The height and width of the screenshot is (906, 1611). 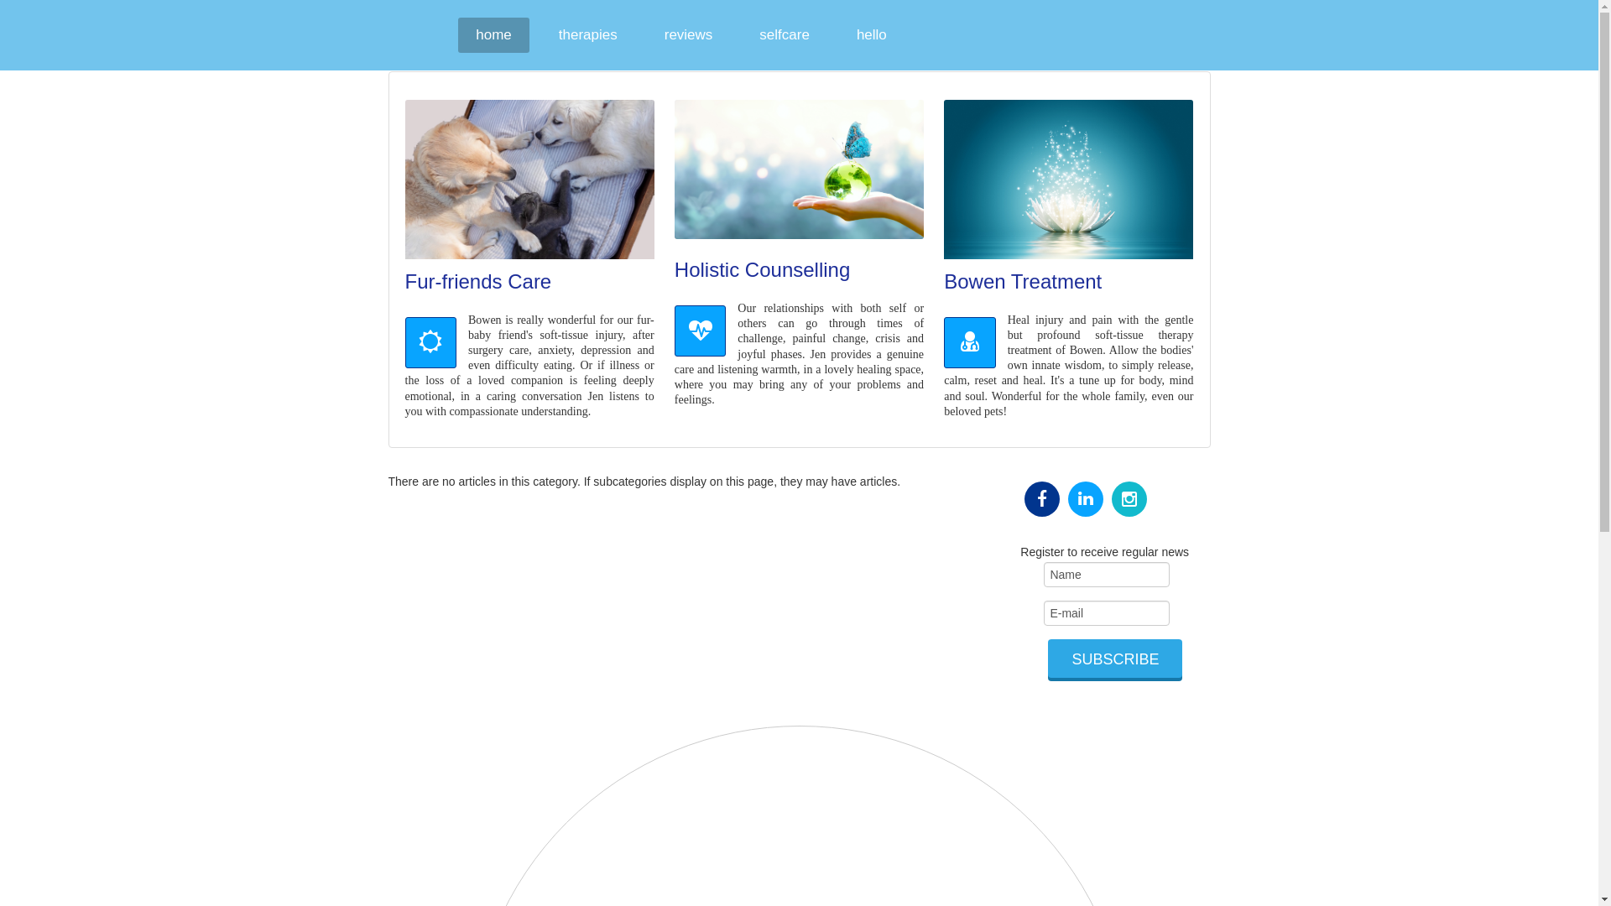 What do you see at coordinates (871, 35) in the screenshot?
I see `'hello'` at bounding box center [871, 35].